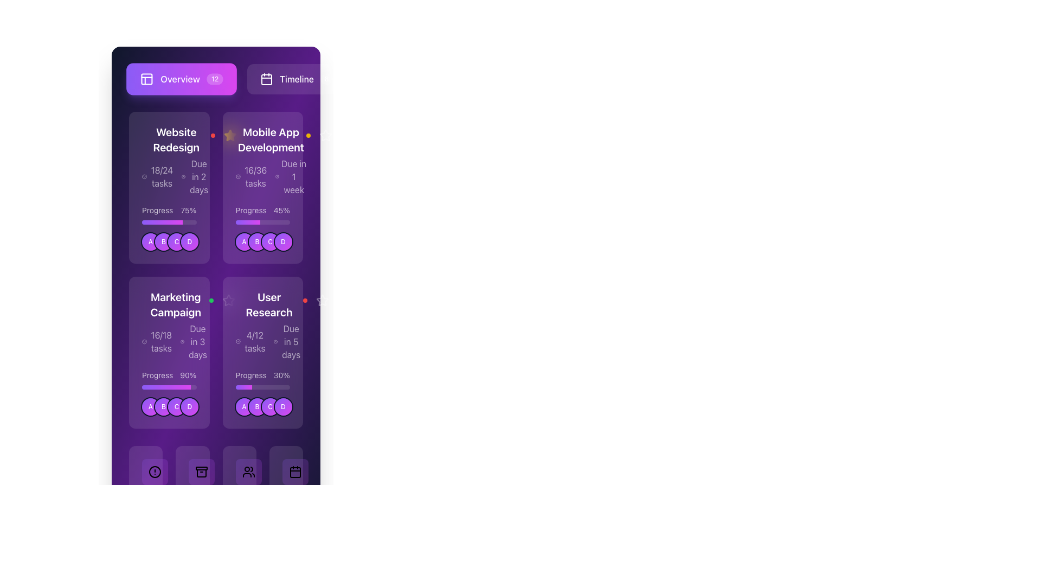 The image size is (1041, 586). What do you see at coordinates (294, 176) in the screenshot?
I see `the static text label displaying 'Due in 1 week' located in the top-right corner of the 'Mobile App Development' card` at bounding box center [294, 176].